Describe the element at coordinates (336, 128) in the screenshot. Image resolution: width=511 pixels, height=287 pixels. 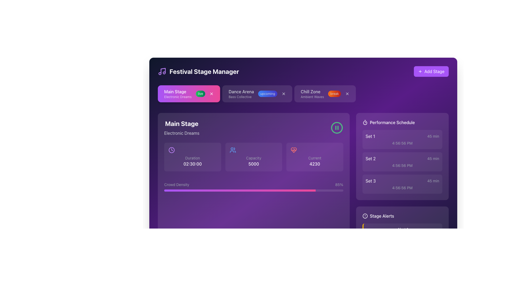
I see `the circular pause button icon with a green border and two vertical bars on a purple background to potentially display a tooltip` at that location.